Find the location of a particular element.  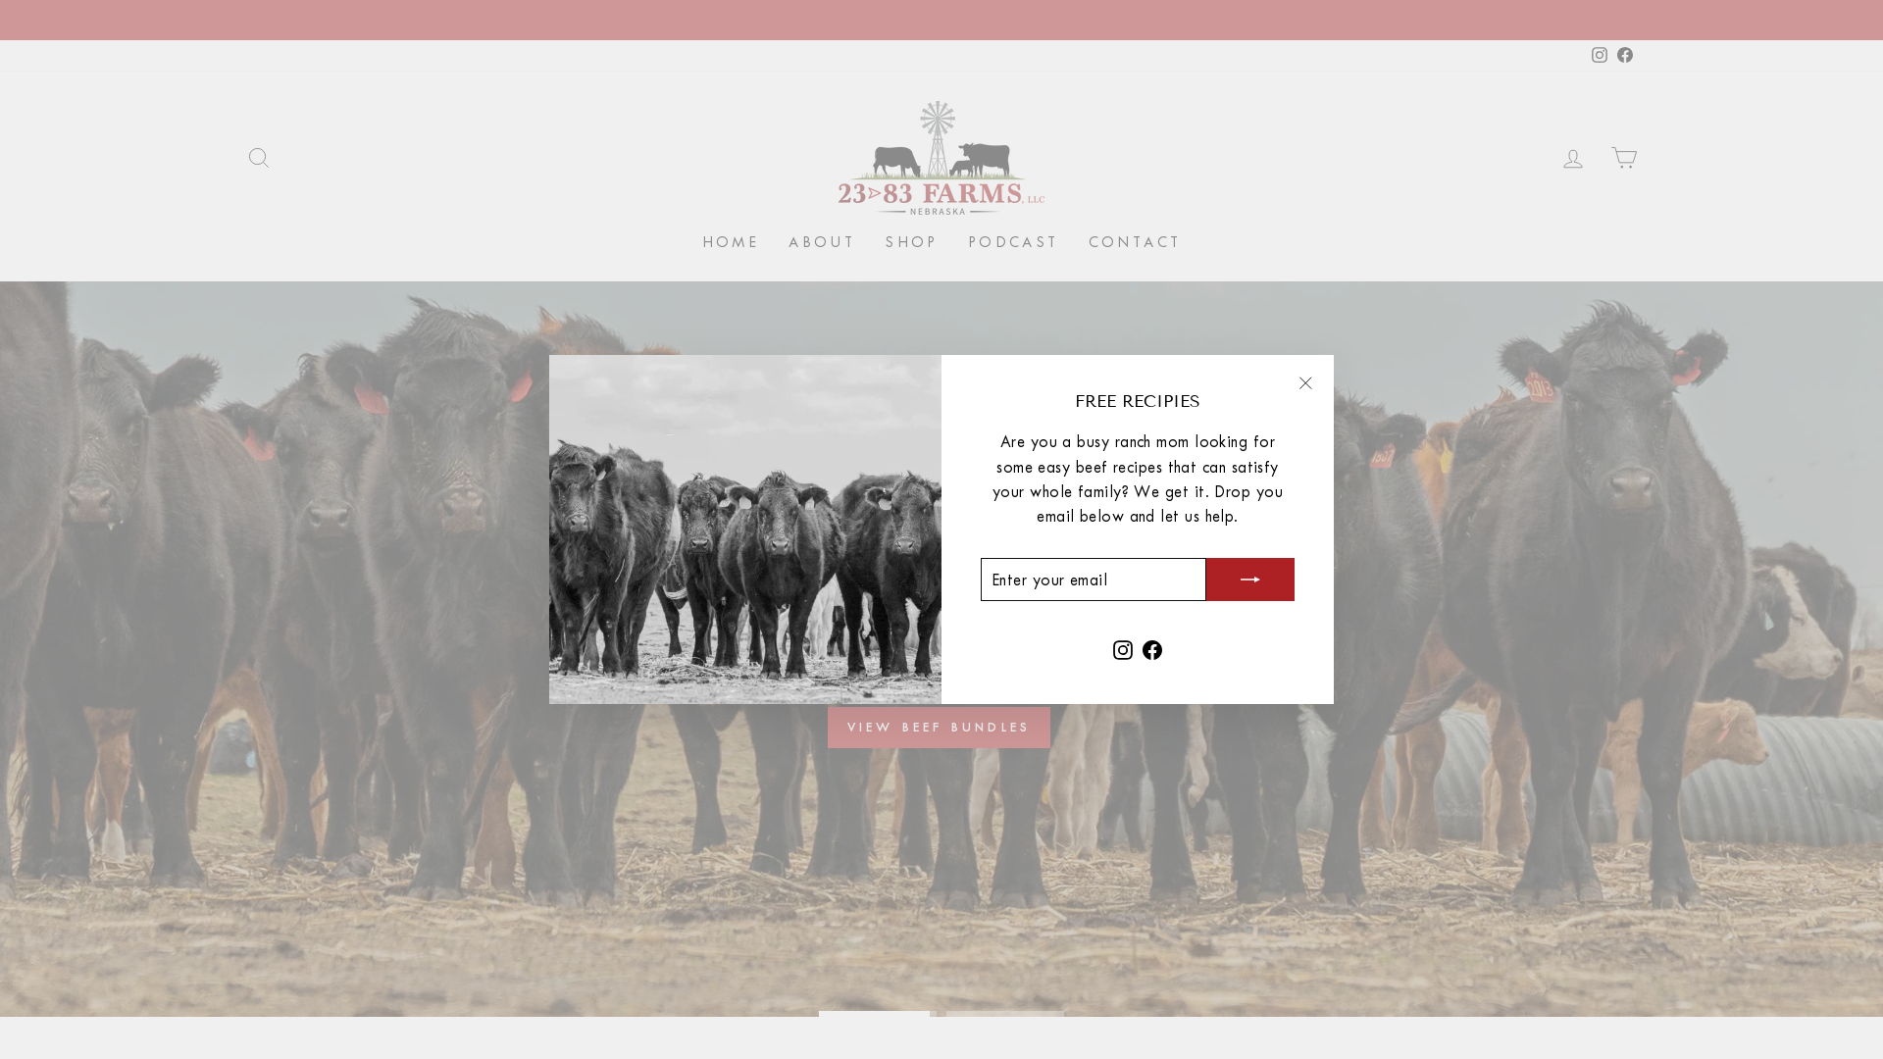

'Facebook' is located at coordinates (1152, 647).